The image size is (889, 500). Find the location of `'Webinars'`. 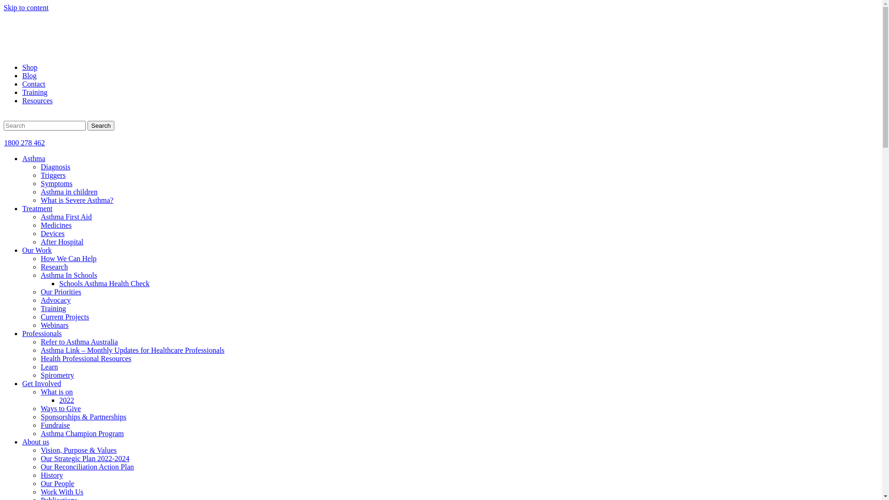

'Webinars' is located at coordinates (54, 325).